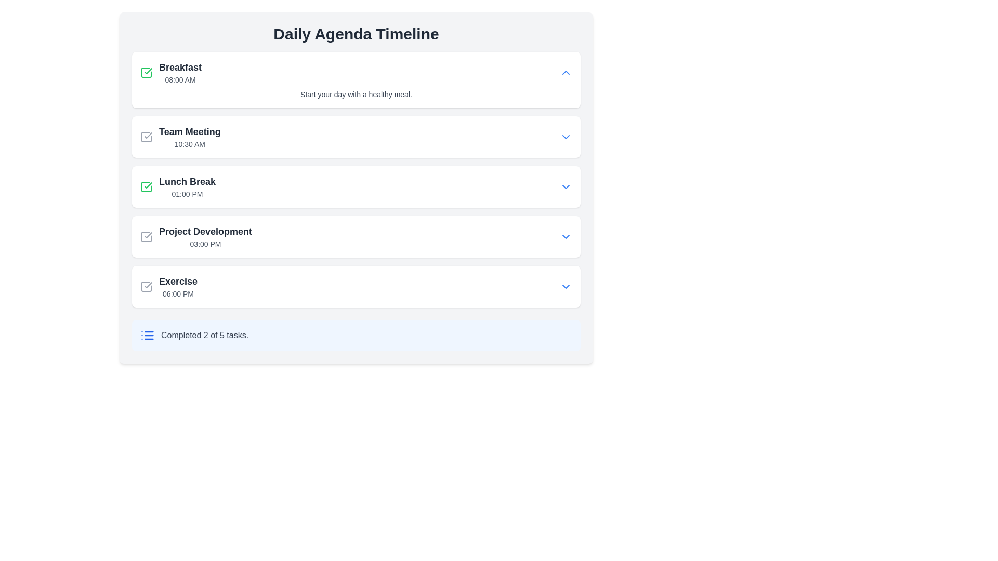  What do you see at coordinates (205, 231) in the screenshot?
I see `text label displaying 'Project Development', which is the fourth entry in the 'Daily Agenda Timeline' layout, positioned above the '03:00 PM' text and below the 'Lunch Break' entry` at bounding box center [205, 231].